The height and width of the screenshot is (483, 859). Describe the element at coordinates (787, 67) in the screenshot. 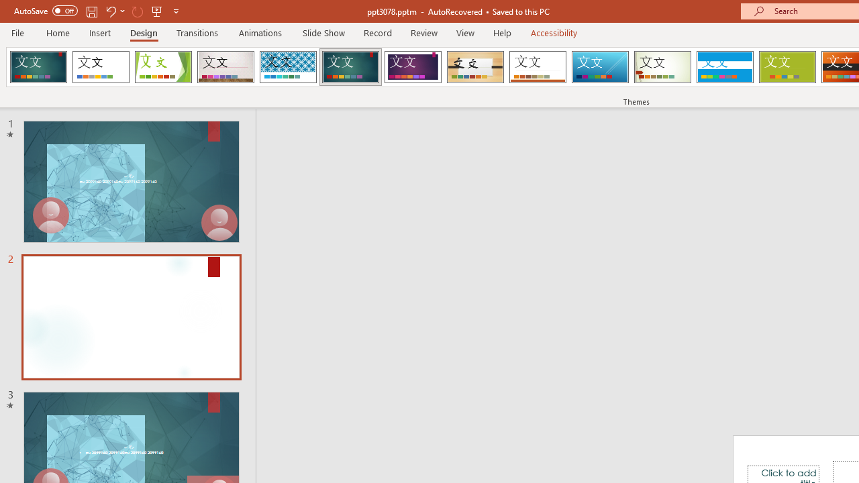

I see `'Basis'` at that location.